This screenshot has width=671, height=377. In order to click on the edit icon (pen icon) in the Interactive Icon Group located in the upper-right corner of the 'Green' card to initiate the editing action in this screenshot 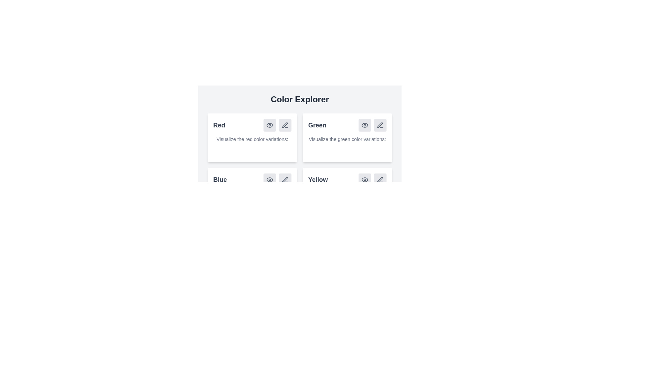, I will do `click(372, 125)`.